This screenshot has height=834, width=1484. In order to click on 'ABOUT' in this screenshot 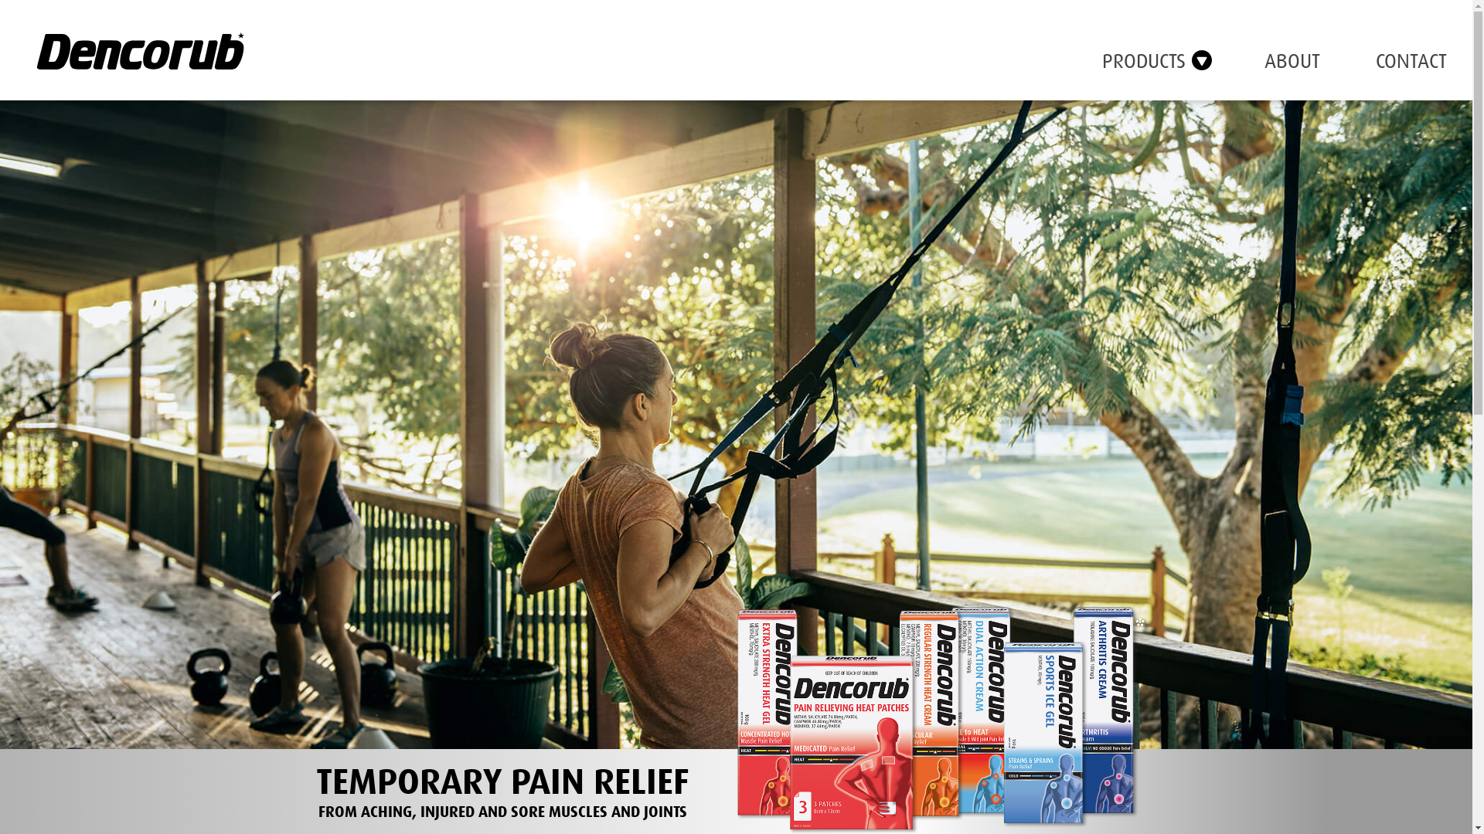, I will do `click(1264, 61)`.